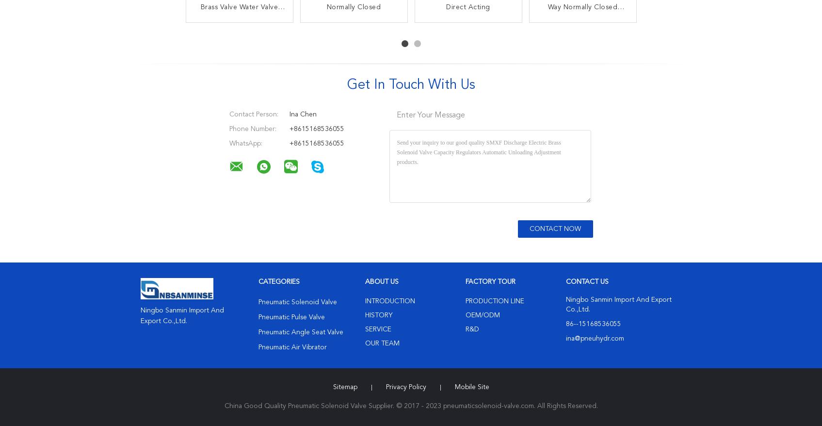  Describe the element at coordinates (494, 301) in the screenshot. I see `'Production Line'` at that location.